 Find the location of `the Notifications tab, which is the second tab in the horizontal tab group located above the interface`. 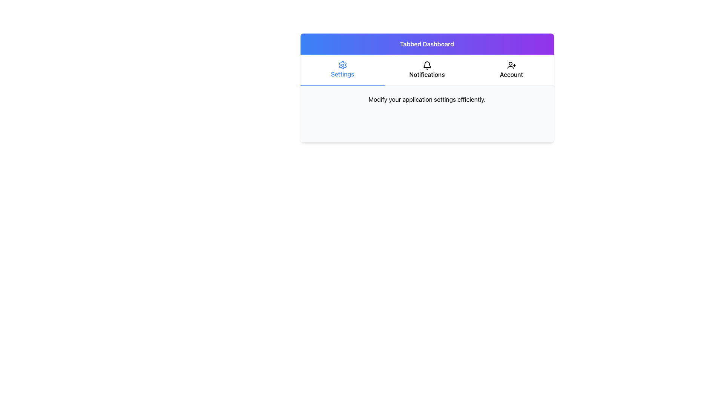

the Notifications tab, which is the second tab in the horizontal tab group located above the interface is located at coordinates (427, 70).